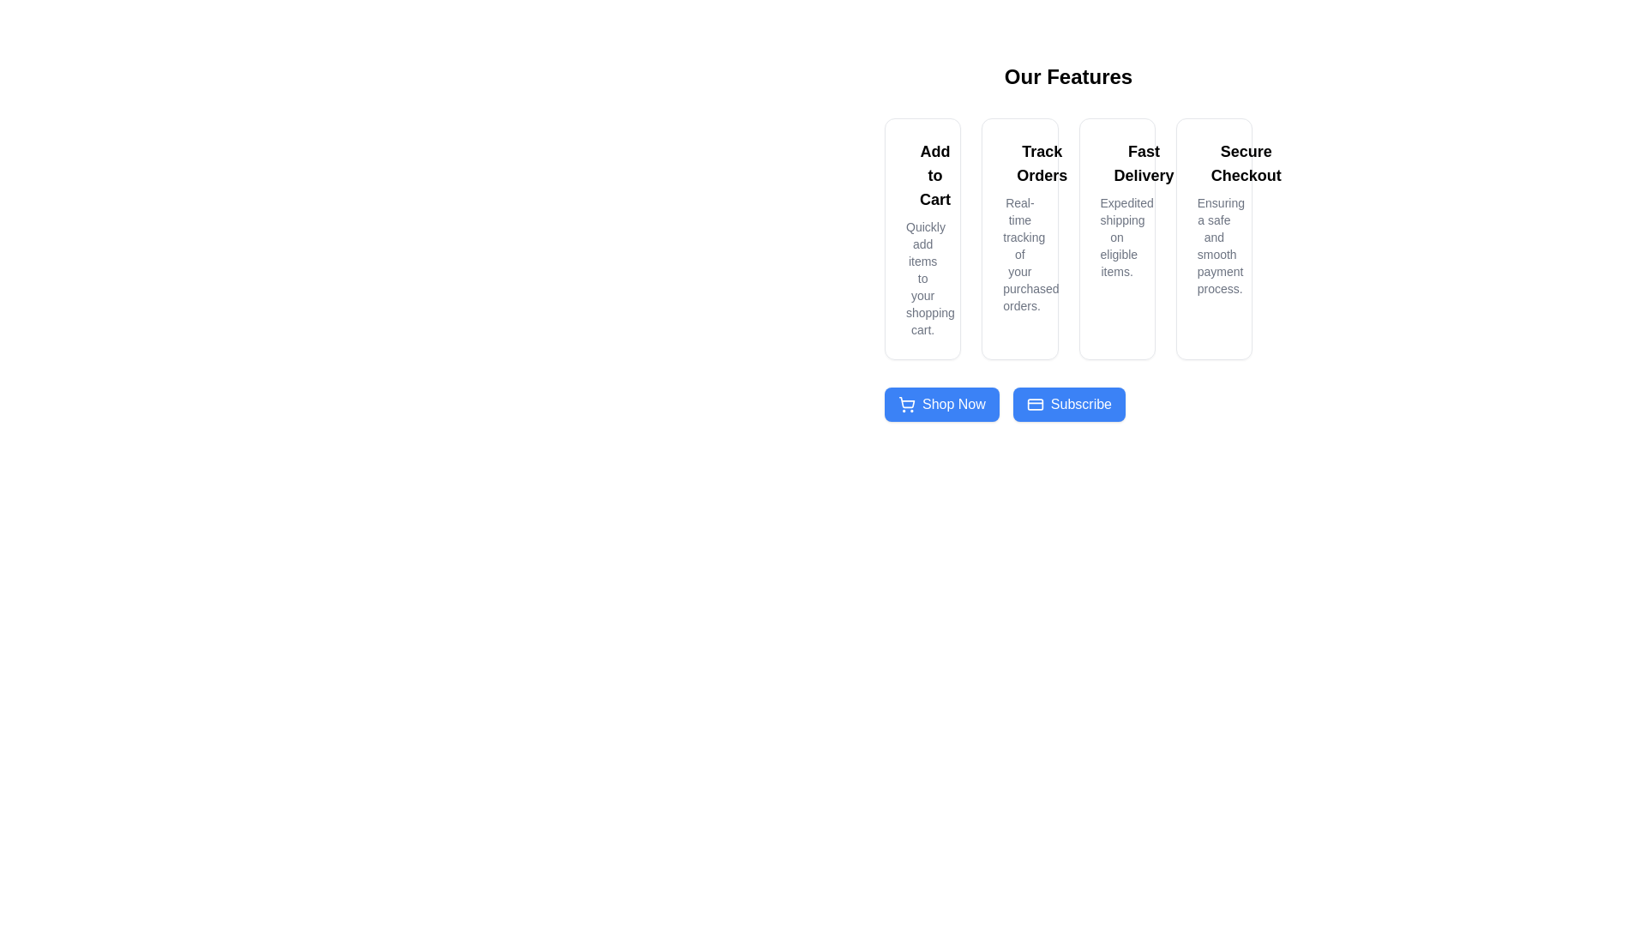 Image resolution: width=1646 pixels, height=926 pixels. What do you see at coordinates (940, 404) in the screenshot?
I see `the blue 'Shop Now' button with a shopping cart icon` at bounding box center [940, 404].